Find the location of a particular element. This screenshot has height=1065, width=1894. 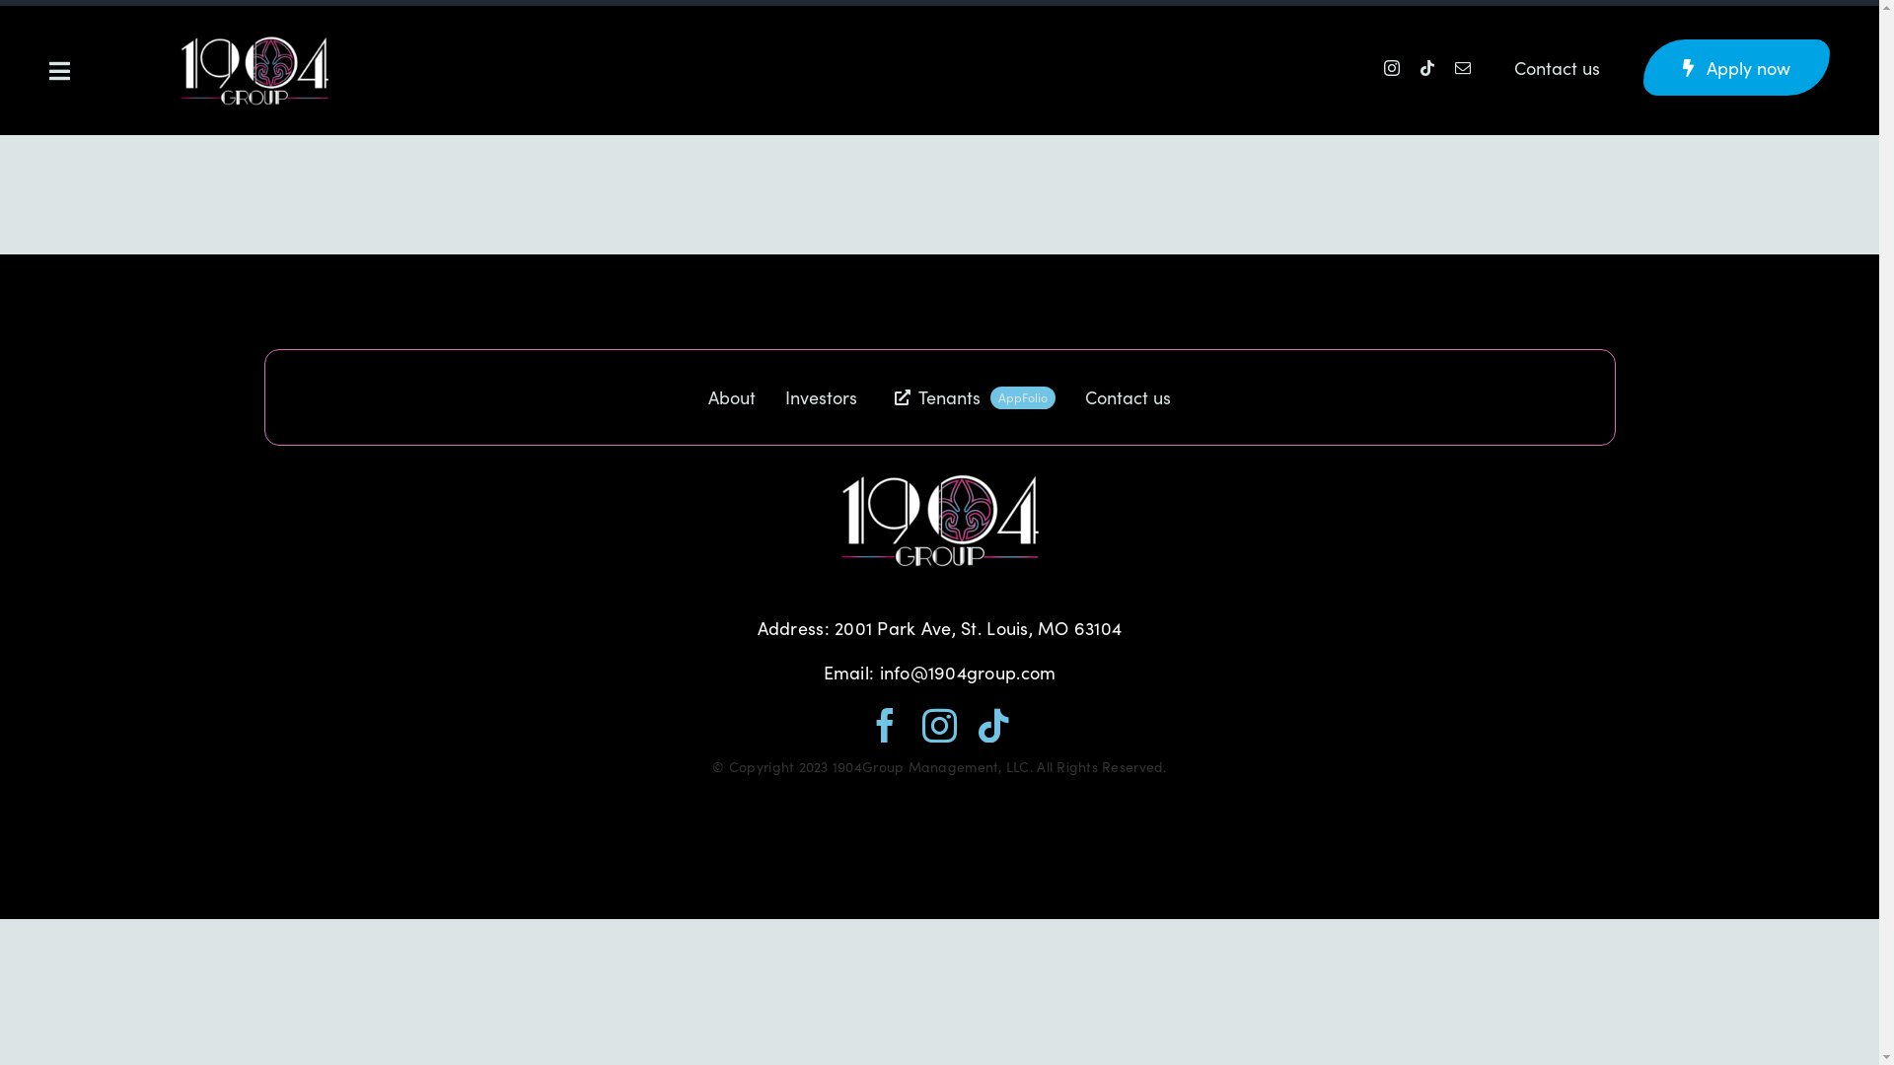

'Investors' is located at coordinates (821, 396).